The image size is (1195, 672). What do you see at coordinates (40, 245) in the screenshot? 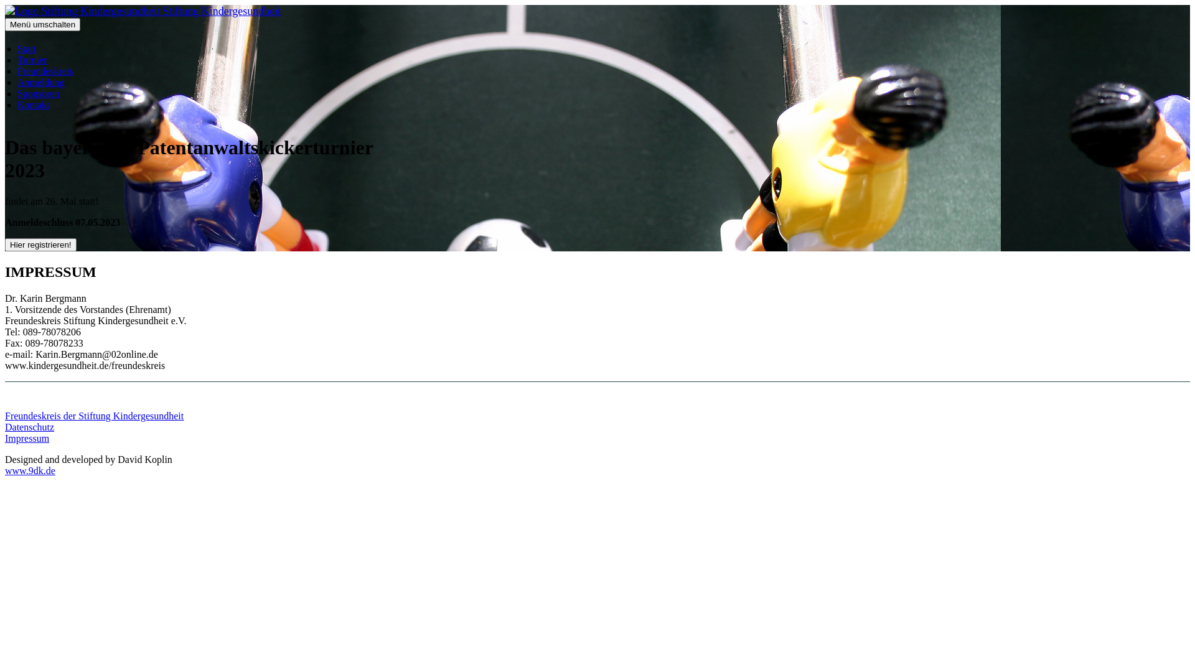
I see `'Hier registrieren!'` at bounding box center [40, 245].